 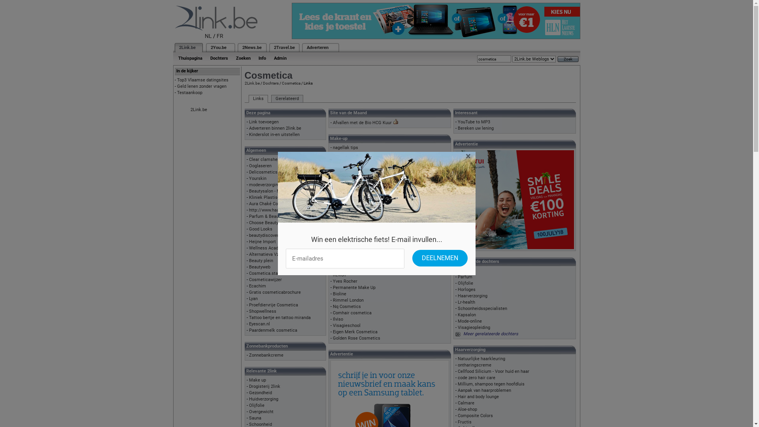 What do you see at coordinates (263, 172) in the screenshot?
I see `'Delicosmetics'` at bounding box center [263, 172].